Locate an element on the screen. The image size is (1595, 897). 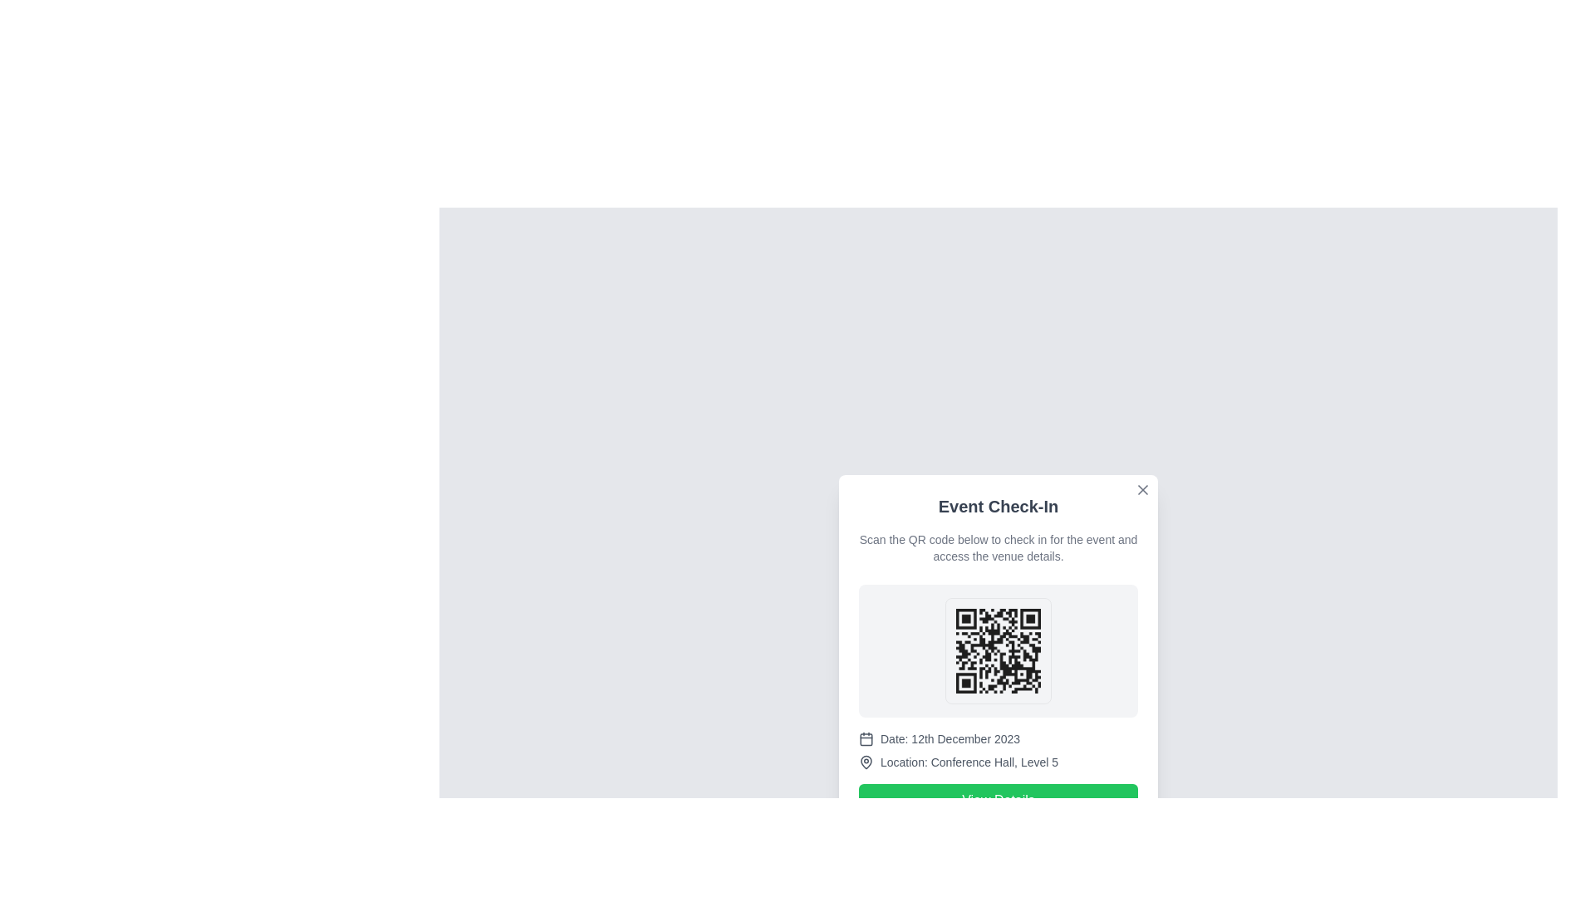
the text element displaying 'Location: Conference Hall, Level 5' next to a pin map icon, located beneath the 'Date: 12th December 2023' text is located at coordinates (997, 762).